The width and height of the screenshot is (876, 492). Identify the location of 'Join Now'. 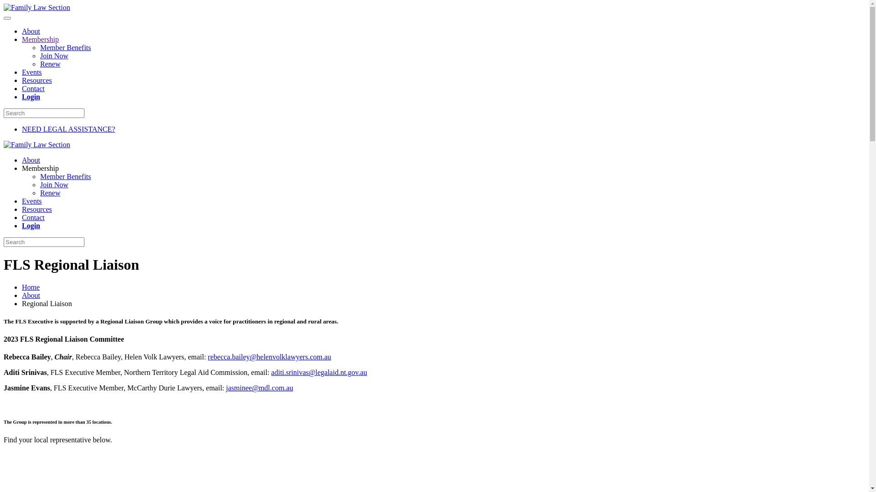
(54, 184).